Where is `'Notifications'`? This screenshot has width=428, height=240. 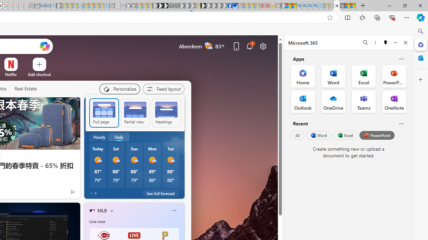 'Notifications' is located at coordinates (249, 46).